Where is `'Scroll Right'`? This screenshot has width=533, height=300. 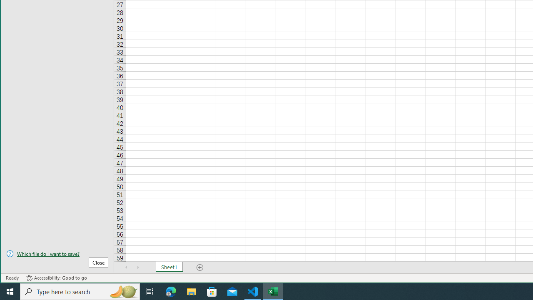 'Scroll Right' is located at coordinates (138, 267).